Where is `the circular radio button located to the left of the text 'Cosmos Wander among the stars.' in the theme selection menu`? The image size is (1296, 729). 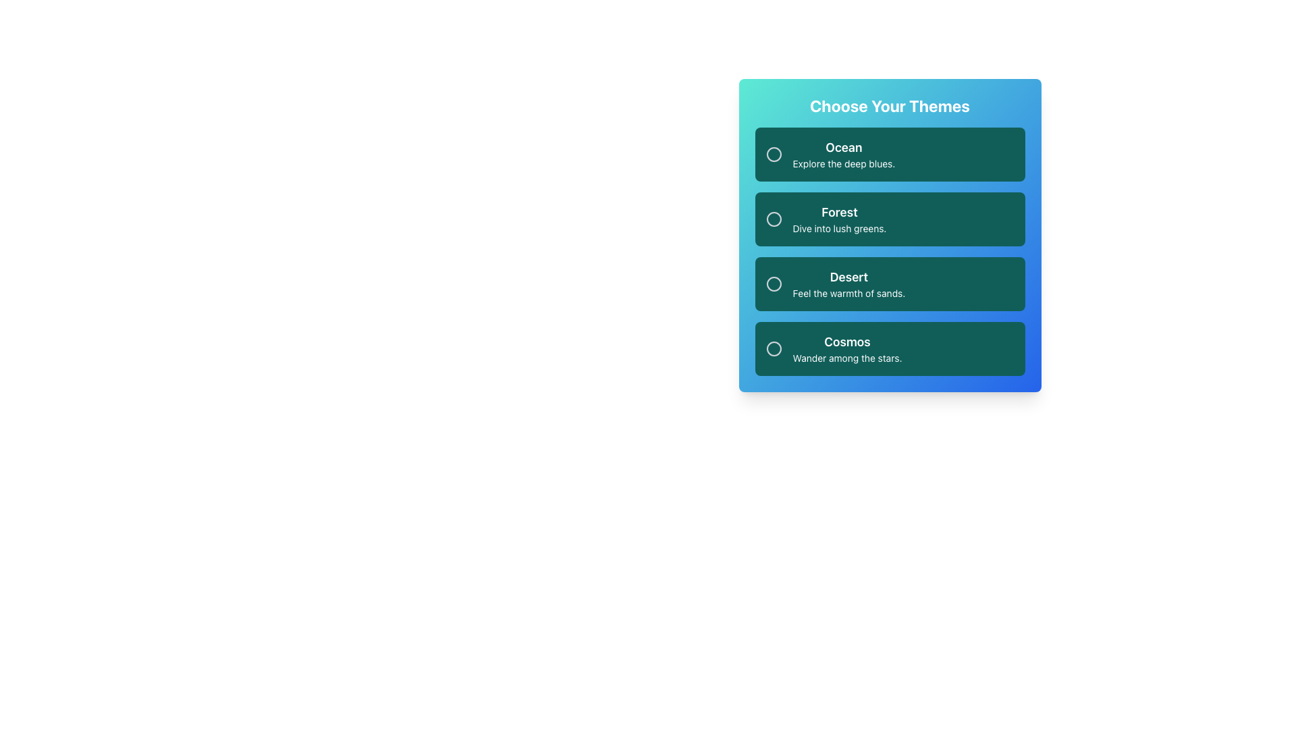 the circular radio button located to the left of the text 'Cosmos Wander among the stars.' in the theme selection menu is located at coordinates (774, 348).